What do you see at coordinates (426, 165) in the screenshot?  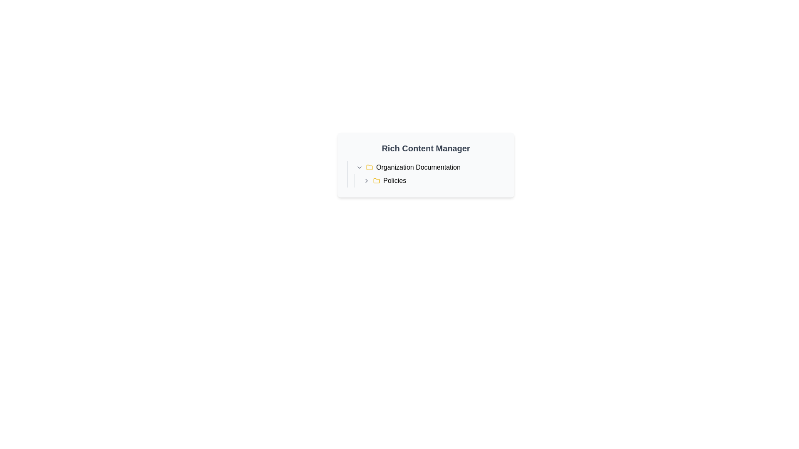 I see `the navigational panel component labeled 'Rich Content Manager' with indented sub-items 'Organization Documentation' and 'Policies'` at bounding box center [426, 165].